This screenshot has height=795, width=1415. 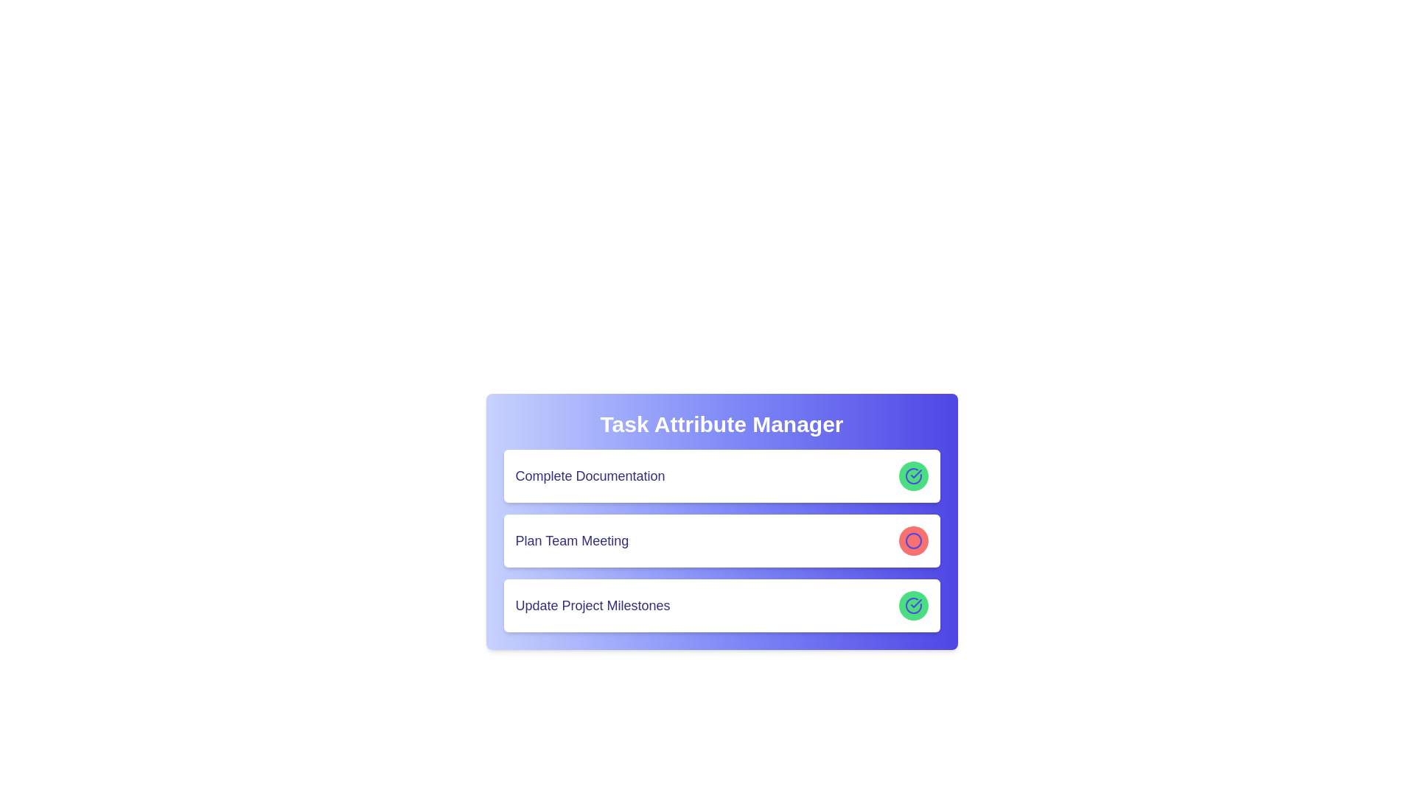 I want to click on the Text label that displays the name of a task or event, which is centered horizontally within a white card in the middle row, so click(x=571, y=541).